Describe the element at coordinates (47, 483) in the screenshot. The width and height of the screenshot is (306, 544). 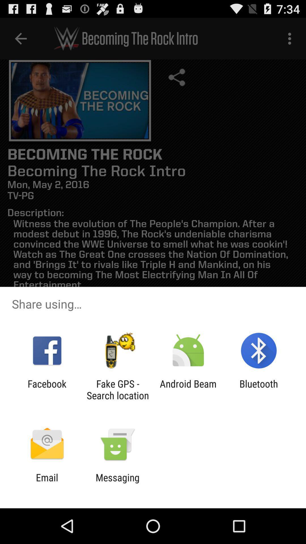
I see `the email` at that location.